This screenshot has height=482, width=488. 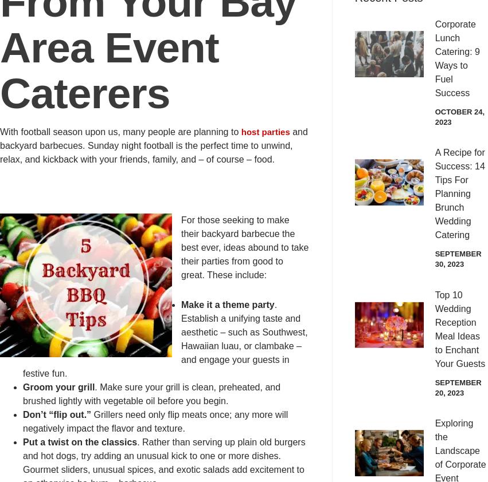 What do you see at coordinates (457, 258) in the screenshot?
I see `'September 30, 2023'` at bounding box center [457, 258].